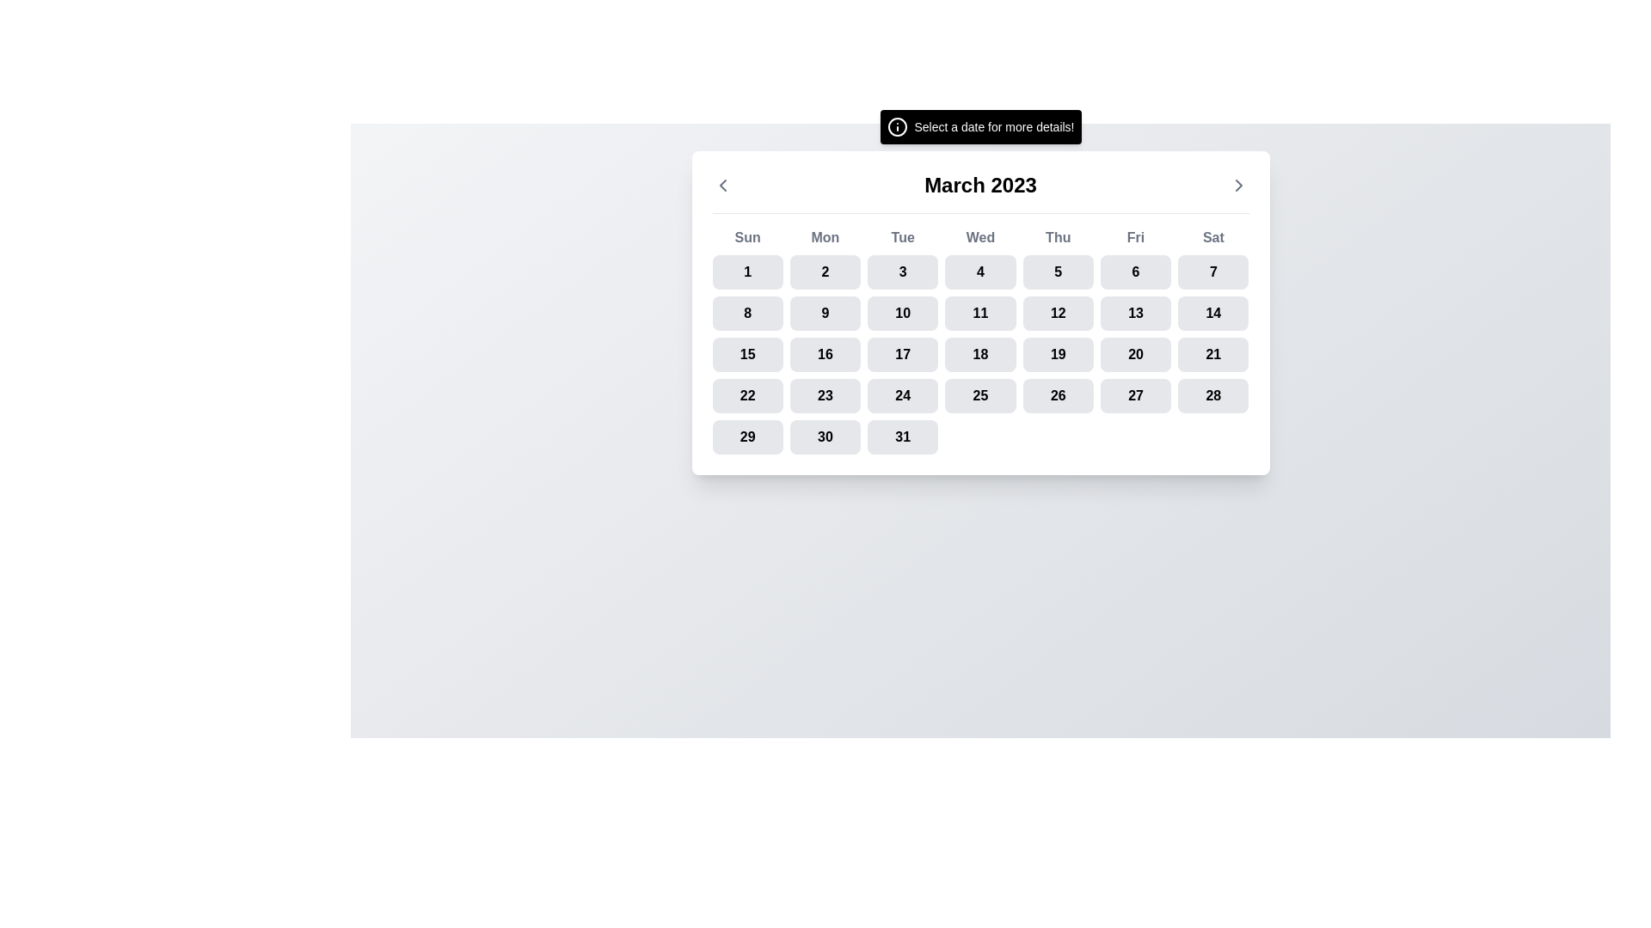  Describe the element at coordinates (902, 353) in the screenshot. I see `the rounded rectangular button labeled '17' in bold black text, located in the fifth row and third column of the calendar grid layout for navigation` at that location.